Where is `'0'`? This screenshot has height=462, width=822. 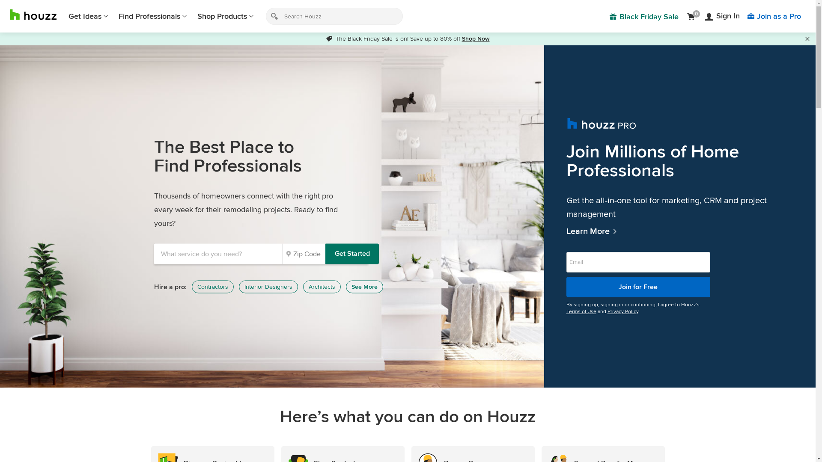
'0' is located at coordinates (692, 16).